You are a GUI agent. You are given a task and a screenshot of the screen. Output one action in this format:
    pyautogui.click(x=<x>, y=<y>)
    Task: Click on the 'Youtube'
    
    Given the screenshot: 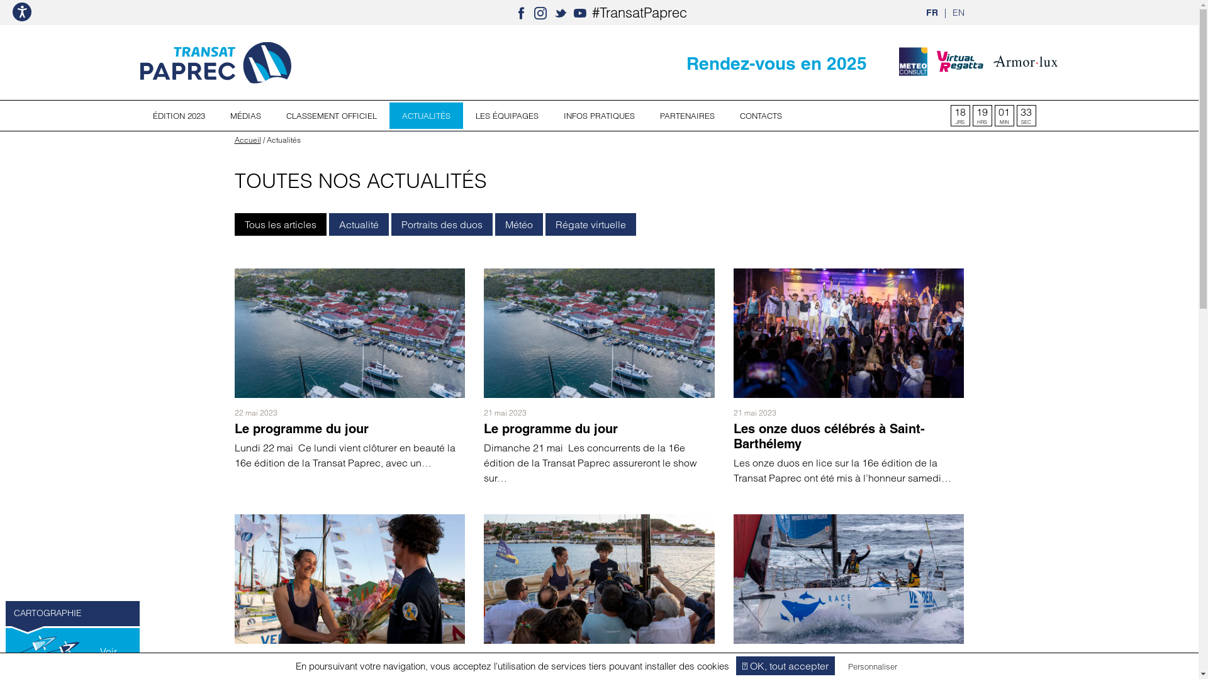 What is the action you would take?
    pyautogui.click(x=579, y=12)
    